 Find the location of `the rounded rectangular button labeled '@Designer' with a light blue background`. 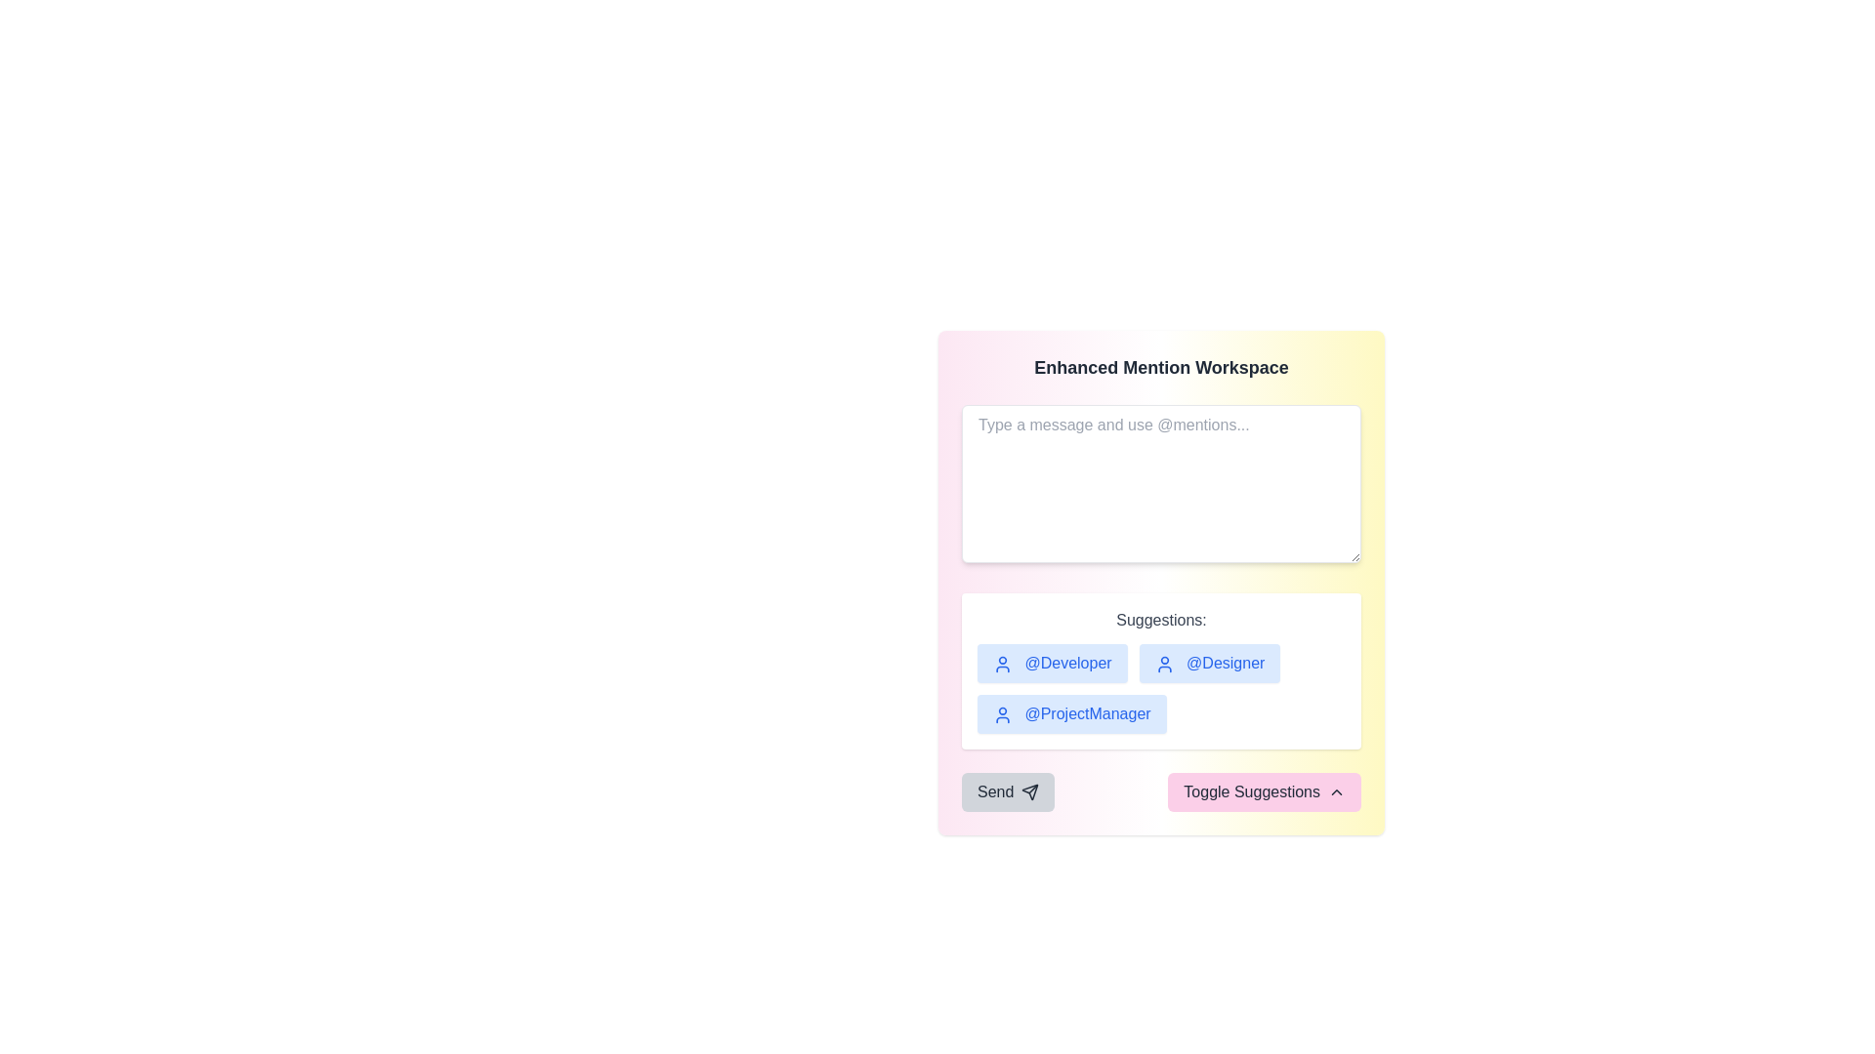

the rounded rectangular button labeled '@Designer' with a light blue background is located at coordinates (1208, 662).